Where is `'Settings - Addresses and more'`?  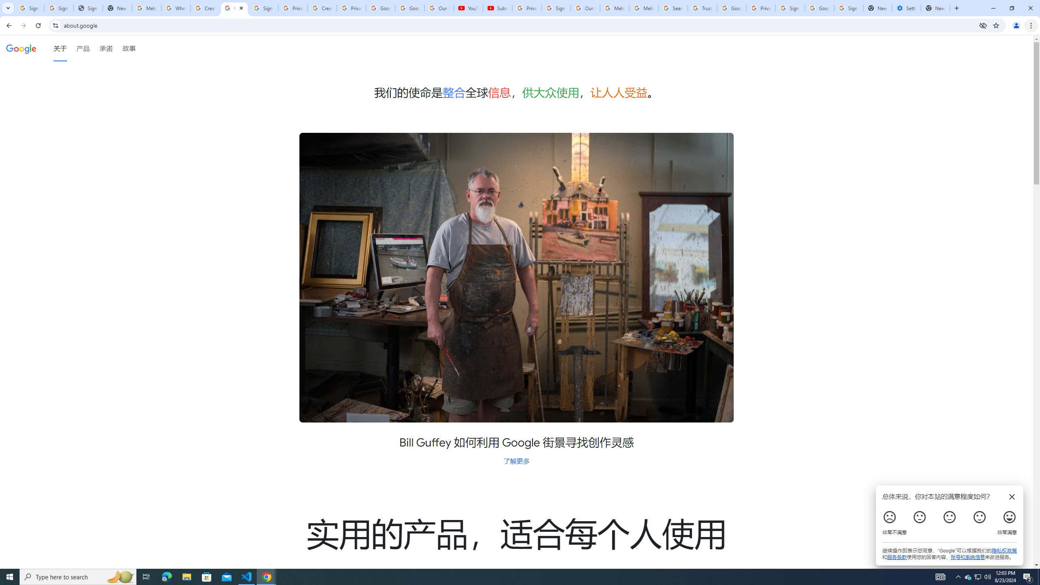
'Settings - Addresses and more' is located at coordinates (906, 8).